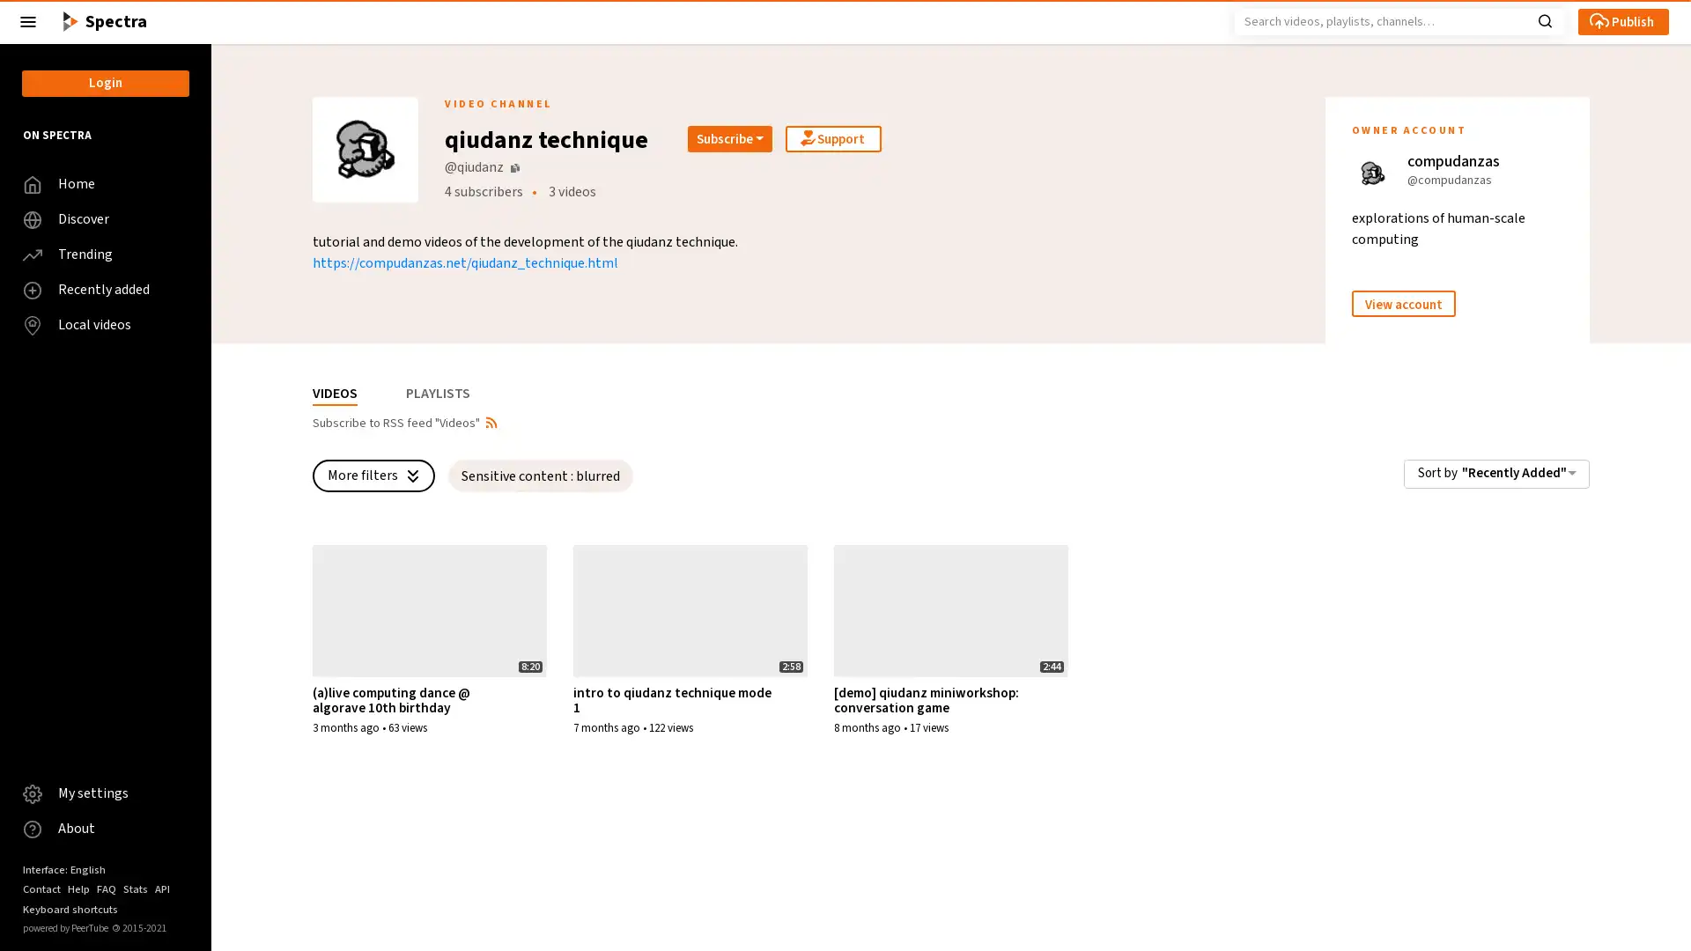  I want to click on Open syndication dropdown, so click(491, 421).